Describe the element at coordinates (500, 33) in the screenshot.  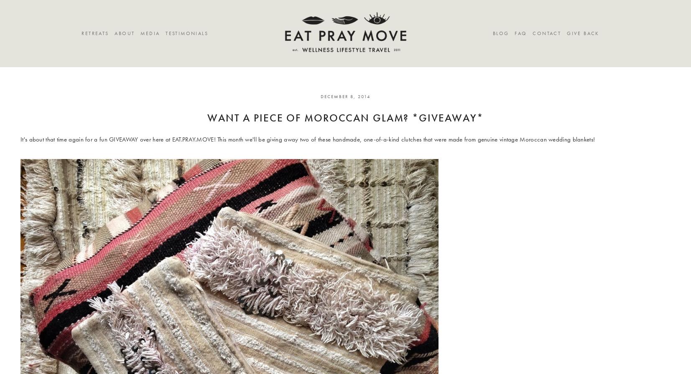
I see `'BLOG'` at that location.